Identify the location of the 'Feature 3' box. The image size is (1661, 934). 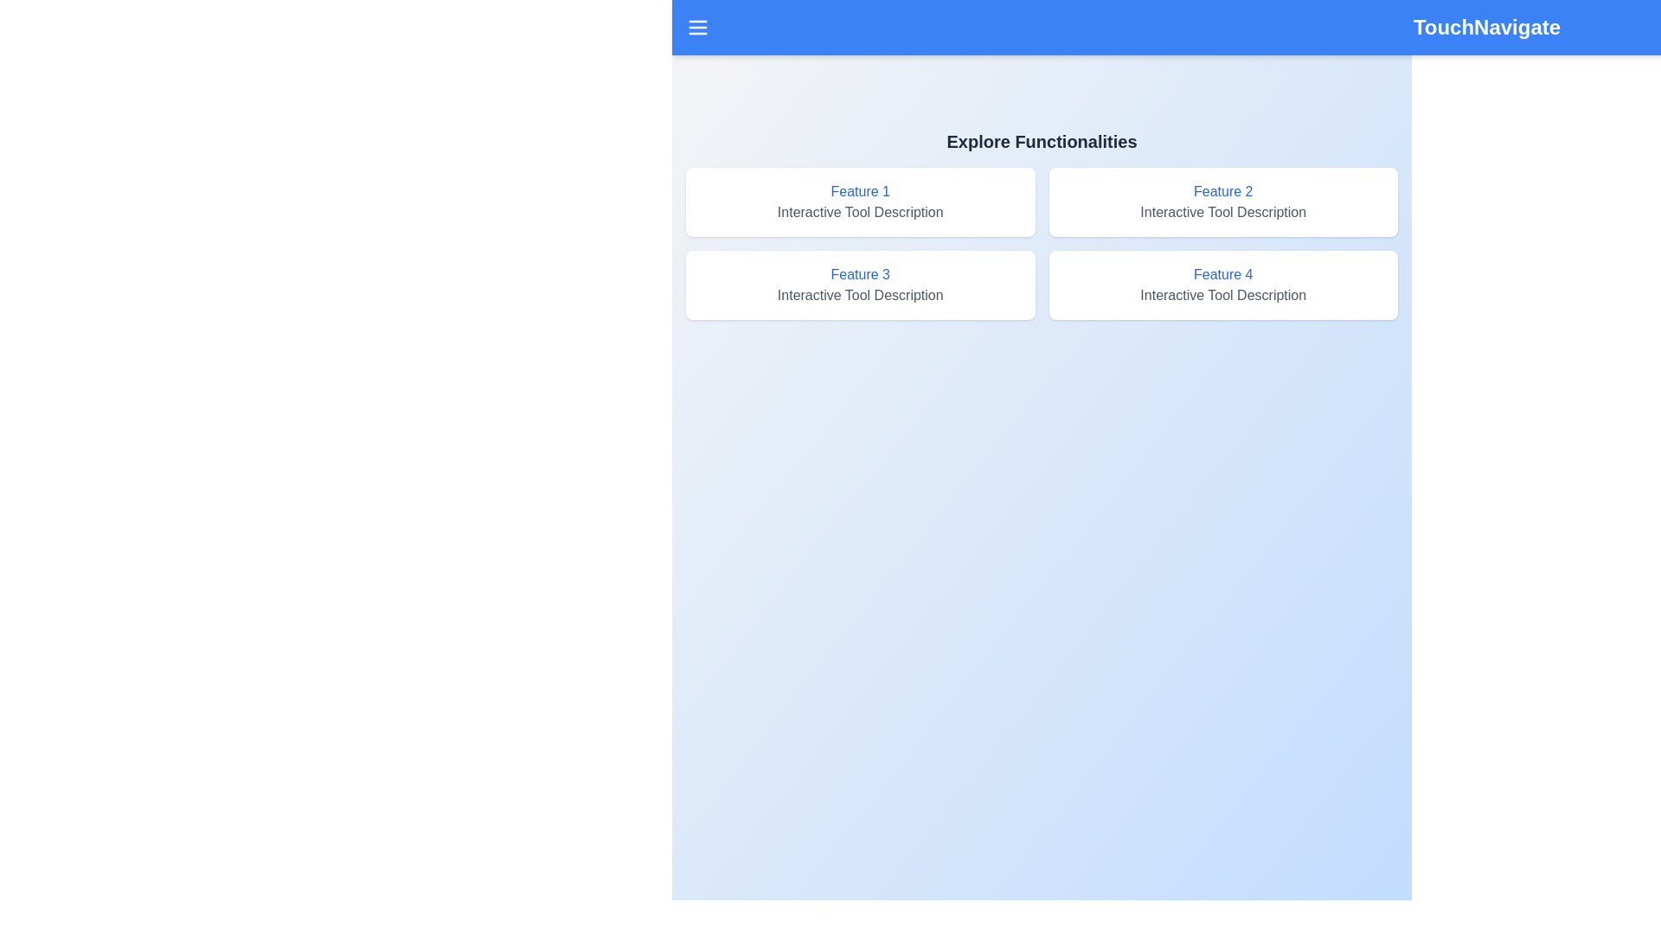
(860, 285).